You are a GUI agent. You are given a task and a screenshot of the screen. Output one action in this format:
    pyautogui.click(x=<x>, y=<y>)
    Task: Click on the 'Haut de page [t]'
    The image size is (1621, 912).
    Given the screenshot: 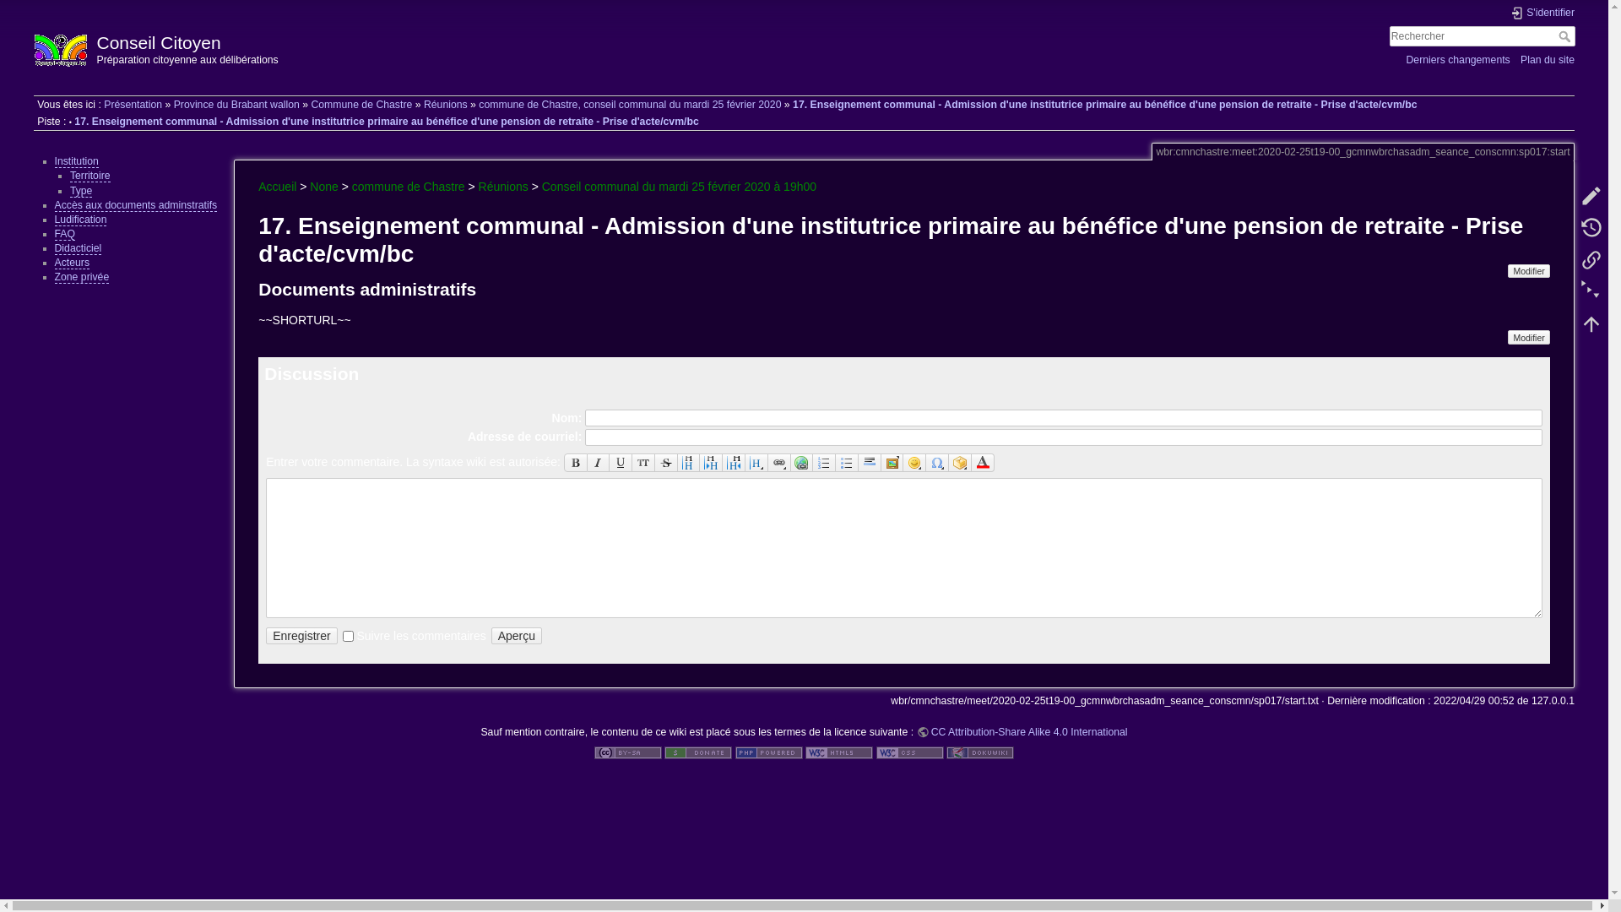 What is the action you would take?
    pyautogui.click(x=1591, y=323)
    